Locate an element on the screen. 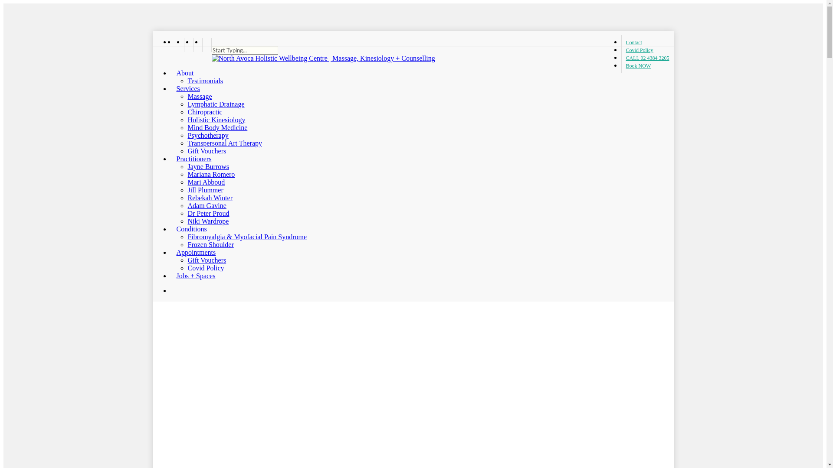  'Mari Abboud' is located at coordinates (206, 182).